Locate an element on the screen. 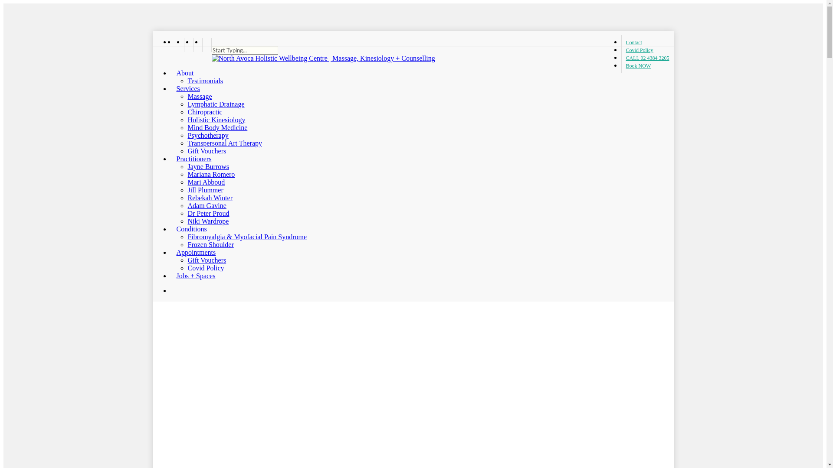  'Mari Abboud' is located at coordinates (206, 182).